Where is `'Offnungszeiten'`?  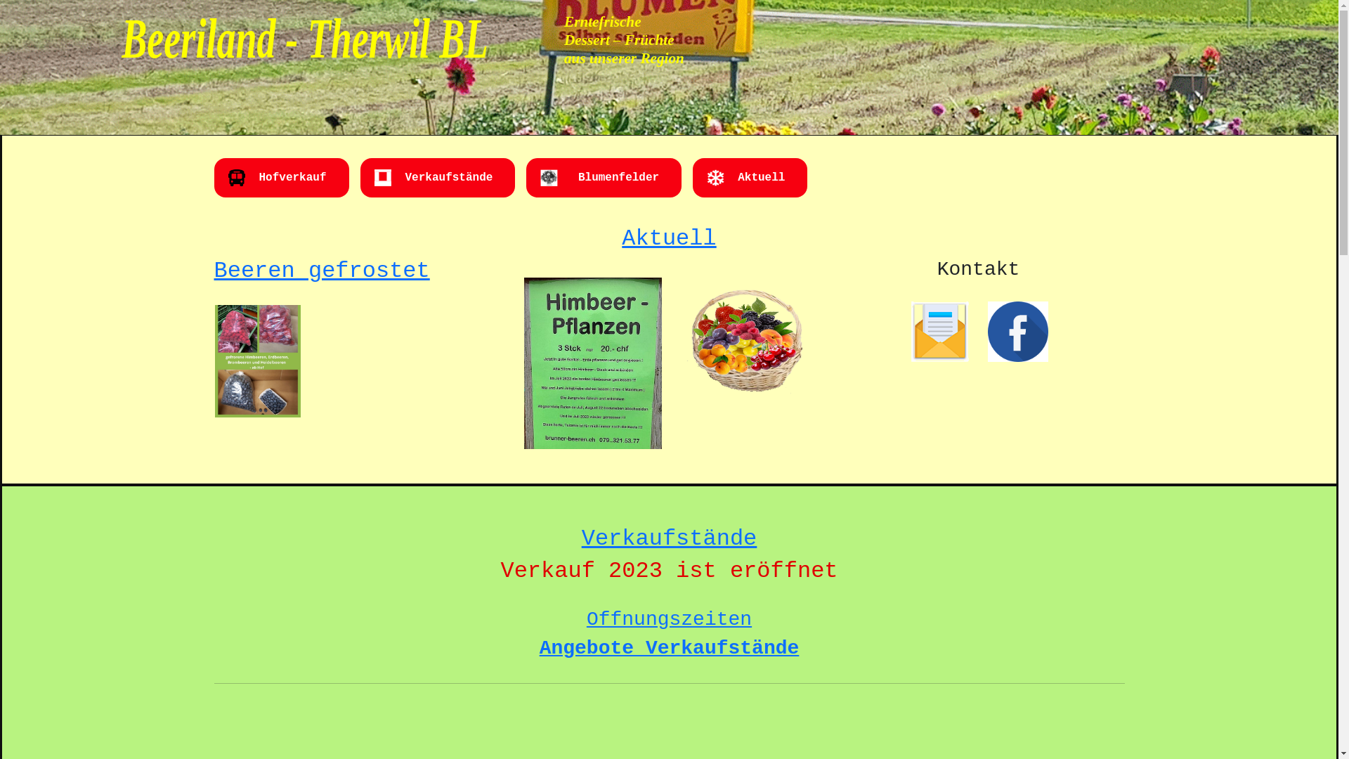 'Offnungszeiten' is located at coordinates (668, 618).